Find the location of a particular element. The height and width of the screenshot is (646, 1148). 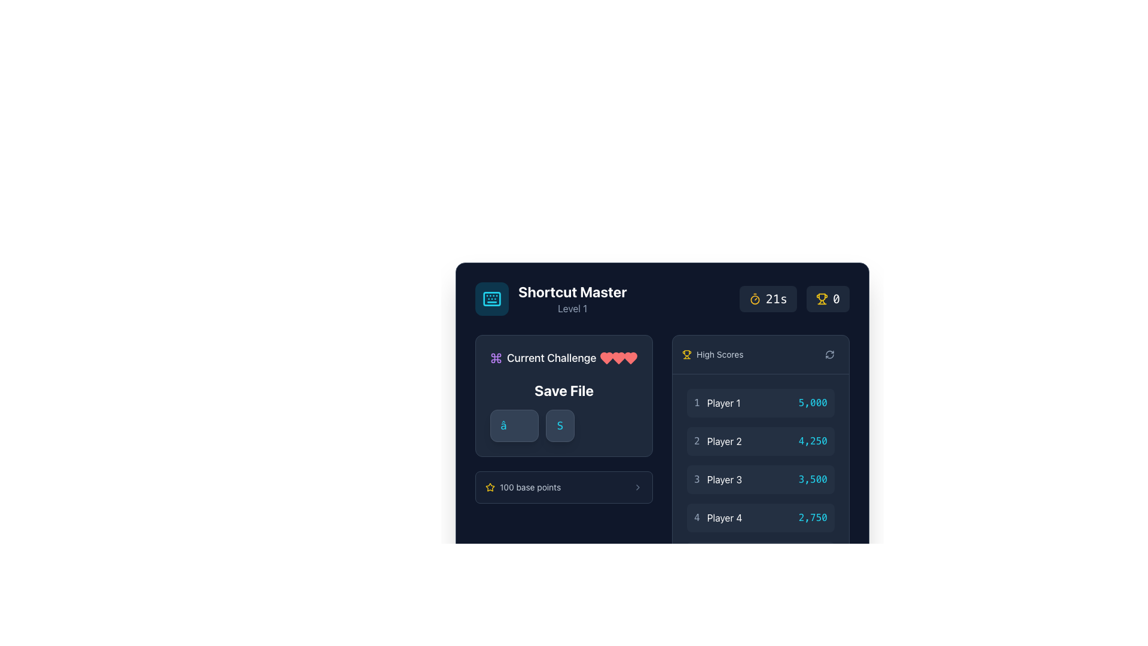

the trophy icon with yellow accent, located to the left of the number '0' in the top-right corner of the interface is located at coordinates (821, 298).